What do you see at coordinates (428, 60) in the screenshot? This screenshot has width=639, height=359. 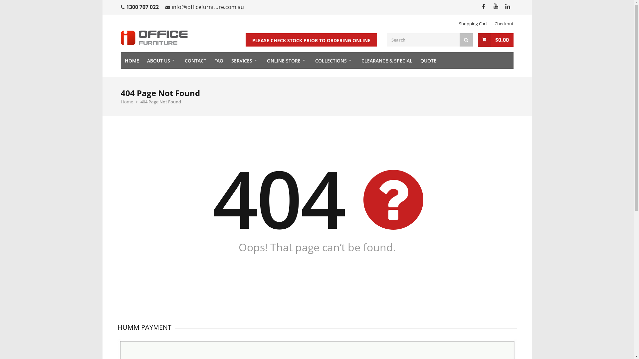 I see `'QUOTE'` at bounding box center [428, 60].